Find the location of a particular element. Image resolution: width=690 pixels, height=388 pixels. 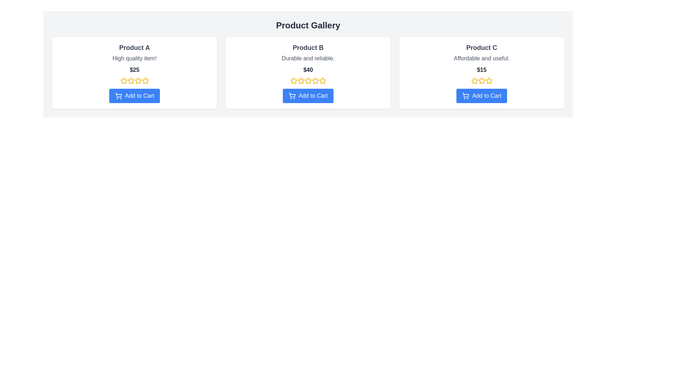

the first star icon in the rating system for 'Product B' to assign a rating is located at coordinates (294, 80).